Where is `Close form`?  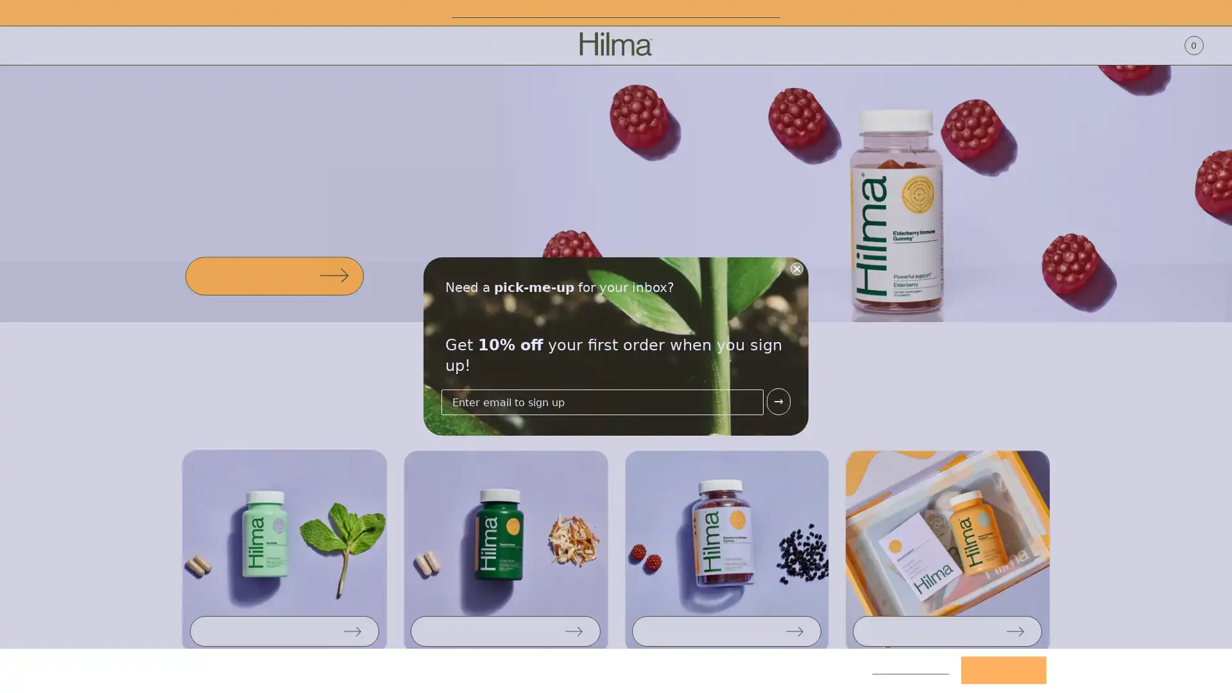 Close form is located at coordinates (796, 268).